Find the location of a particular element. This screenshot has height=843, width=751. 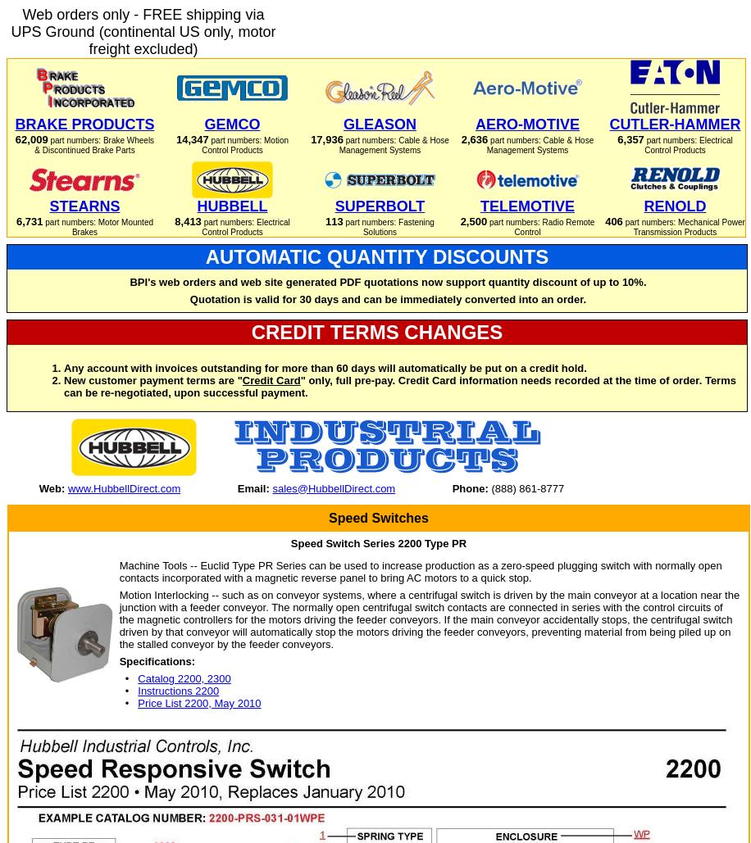

'HUBBELL' is located at coordinates (232, 206).